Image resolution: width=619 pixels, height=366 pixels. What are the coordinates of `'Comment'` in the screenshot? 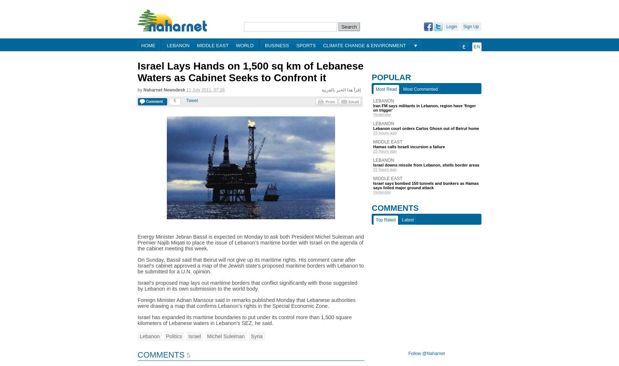 It's located at (146, 101).